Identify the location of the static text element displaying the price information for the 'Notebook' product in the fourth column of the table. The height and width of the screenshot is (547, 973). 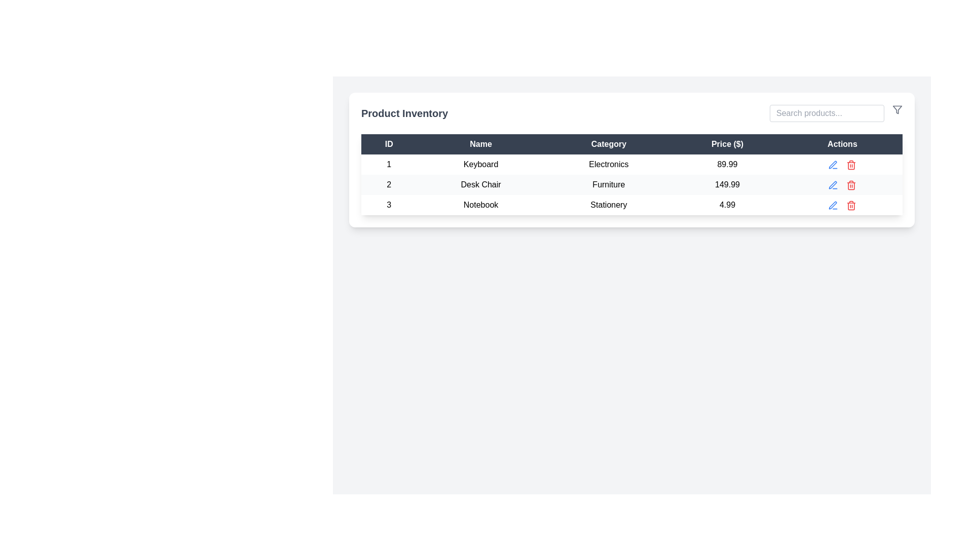
(727, 205).